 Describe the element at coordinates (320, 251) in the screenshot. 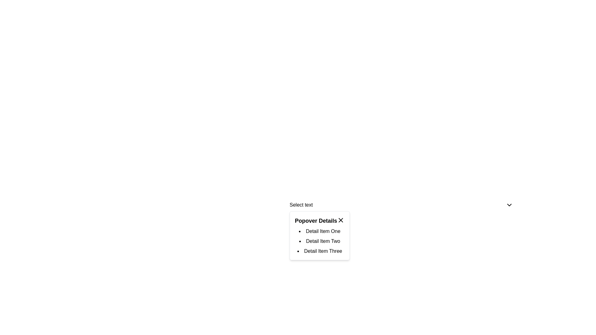

I see `static text item in the list that shows 'Detail Item Three', which is the third item in a bulleted list within a popover` at that location.